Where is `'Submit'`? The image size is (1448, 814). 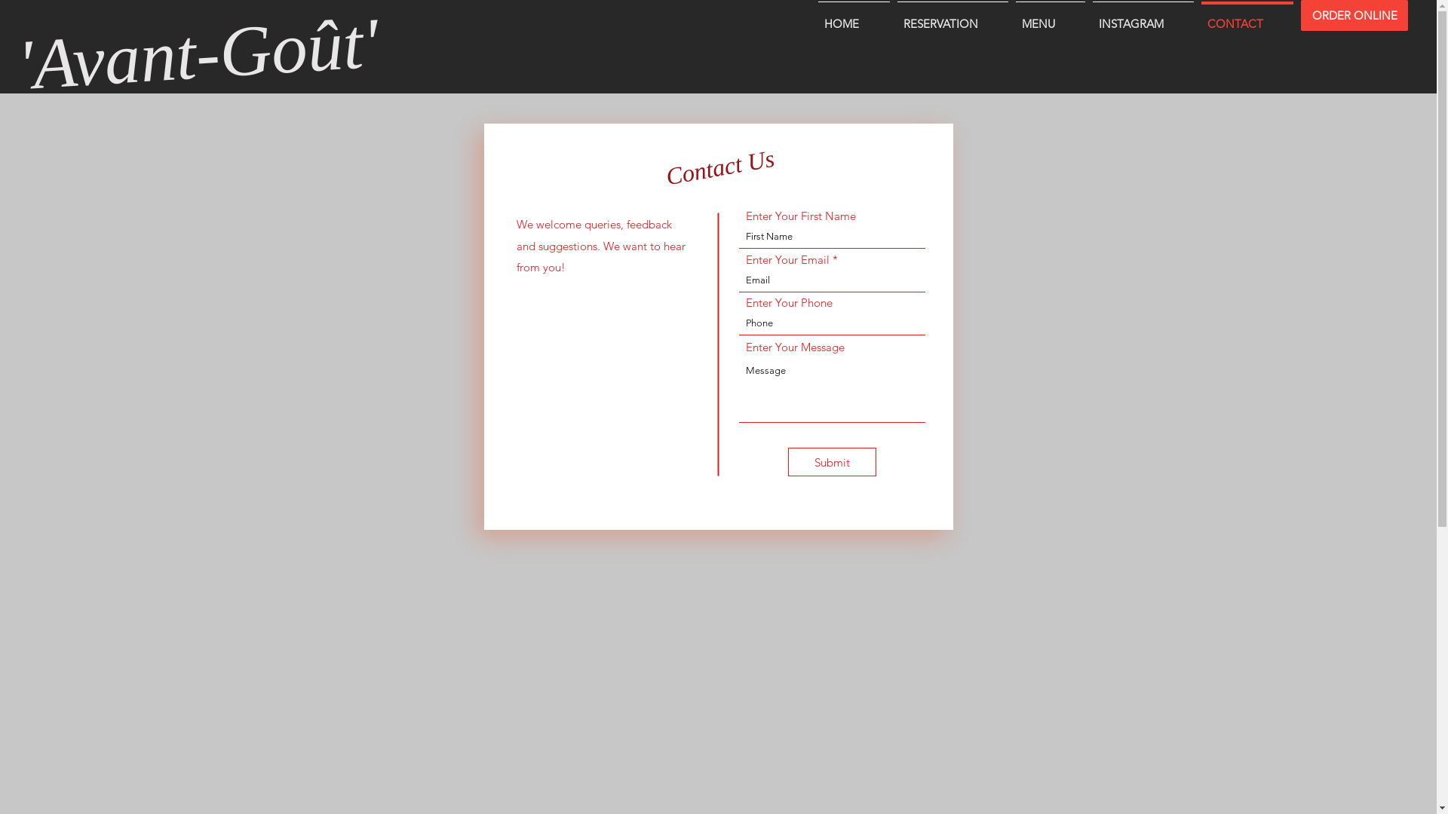 'Submit' is located at coordinates (830, 461).